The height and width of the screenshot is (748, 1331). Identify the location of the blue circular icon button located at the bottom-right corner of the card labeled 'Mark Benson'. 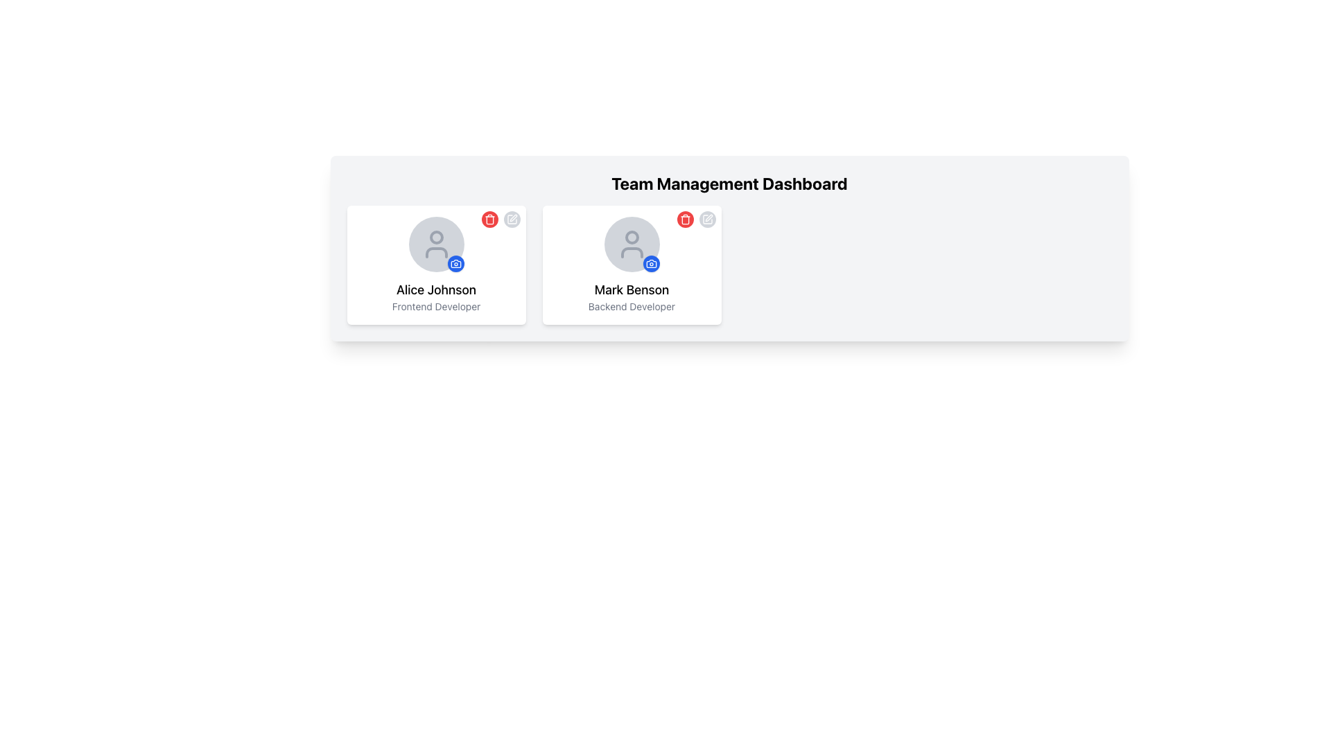
(650, 264).